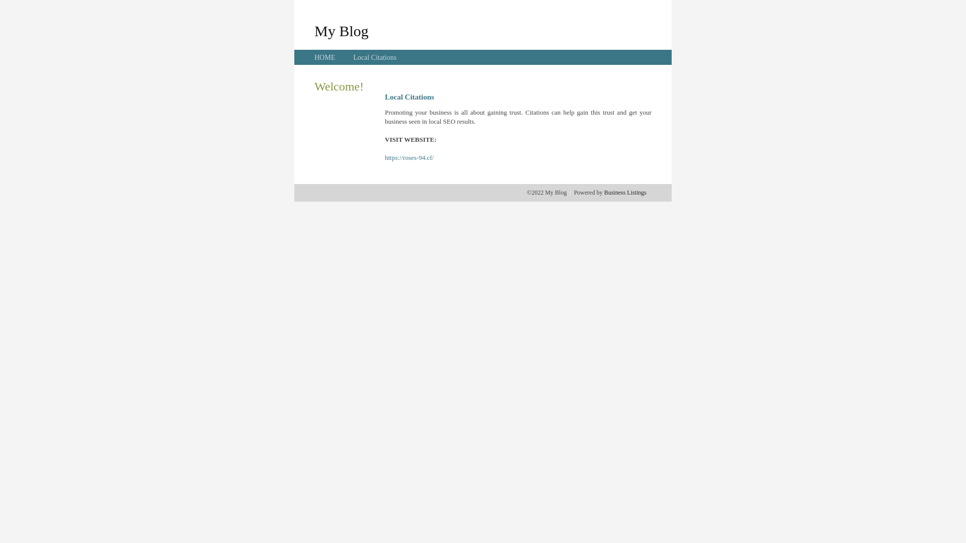 This screenshot has width=966, height=543. What do you see at coordinates (325, 57) in the screenshot?
I see `'HOME'` at bounding box center [325, 57].